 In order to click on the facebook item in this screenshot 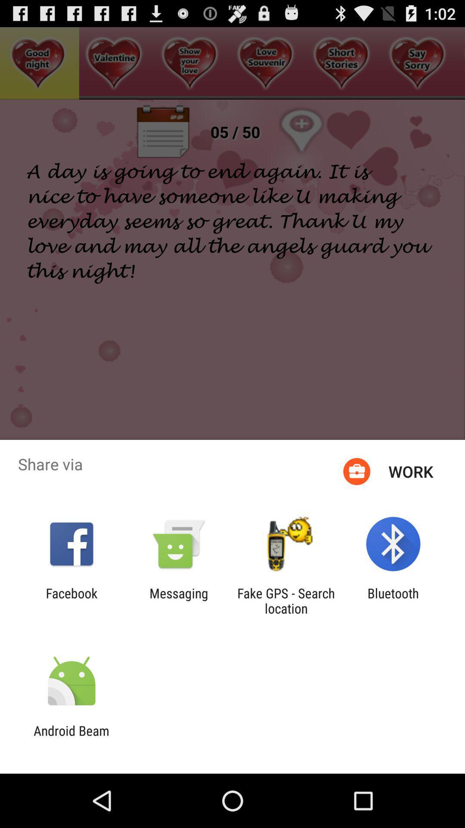, I will do `click(71, 600)`.